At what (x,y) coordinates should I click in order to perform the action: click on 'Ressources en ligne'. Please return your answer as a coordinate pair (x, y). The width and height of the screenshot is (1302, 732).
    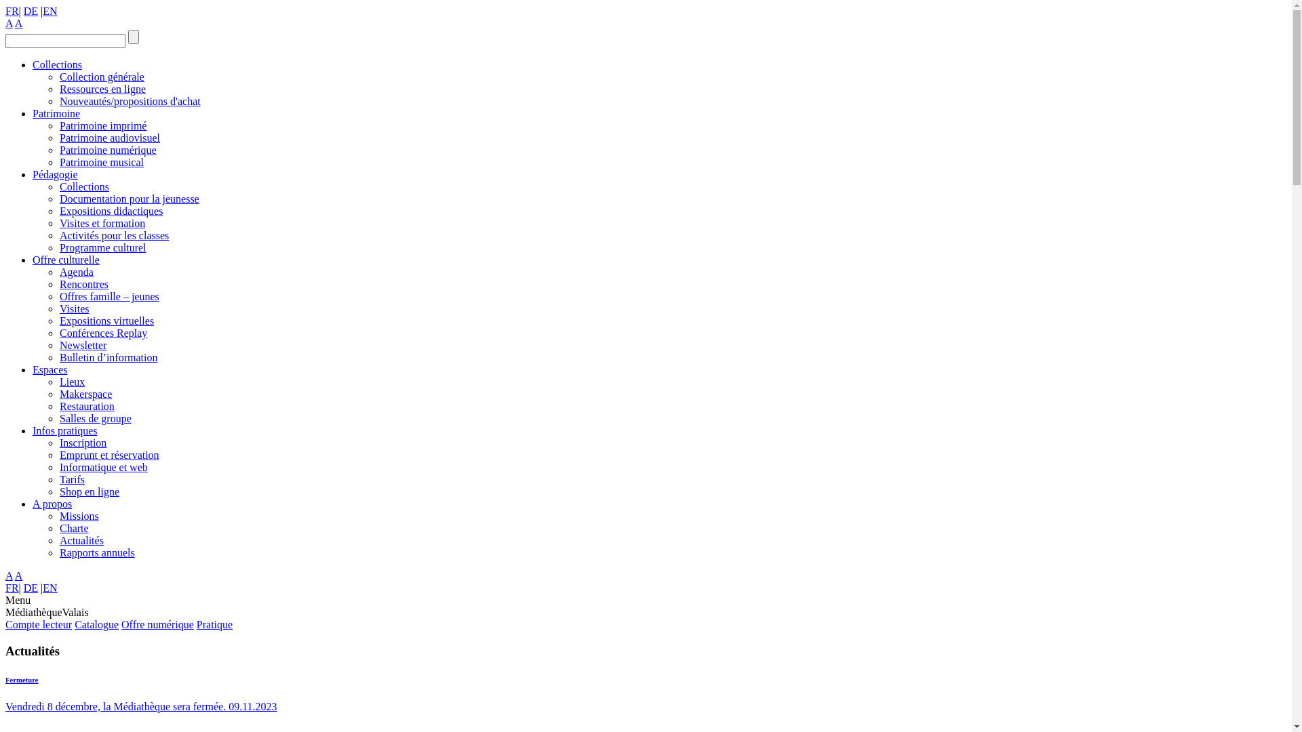
    Looking at the image, I should click on (58, 89).